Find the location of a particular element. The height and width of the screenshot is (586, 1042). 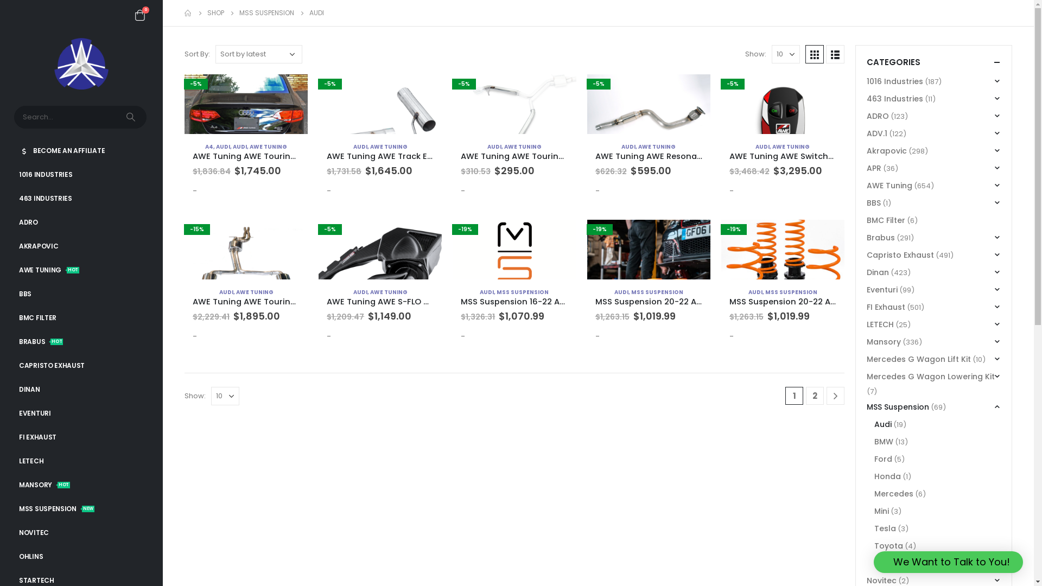

'BBS' is located at coordinates (80, 294).